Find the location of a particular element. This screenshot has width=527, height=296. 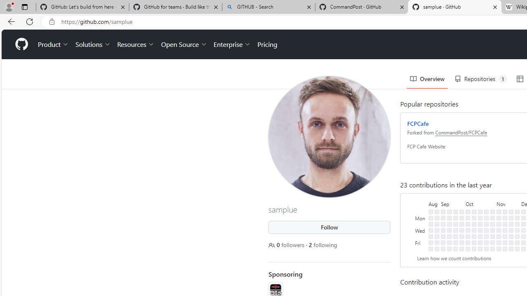

'Follow' is located at coordinates (329, 227).